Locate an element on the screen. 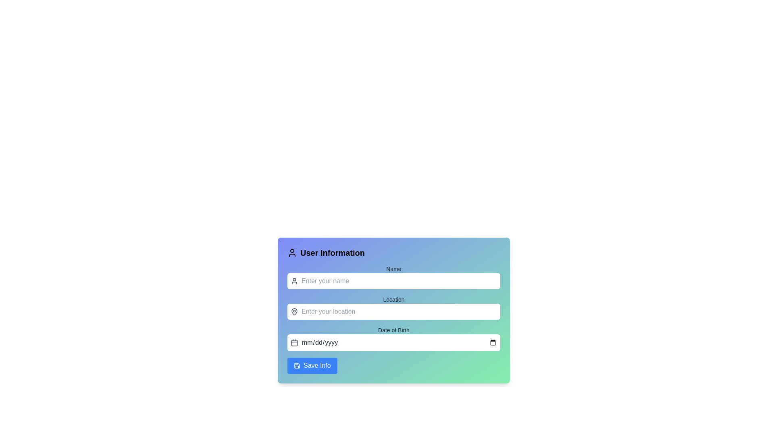 This screenshot has height=435, width=774. the text input field labeled 'Name' in the 'User Information' section that has a placeholder saying 'Enter your name' is located at coordinates (394, 276).